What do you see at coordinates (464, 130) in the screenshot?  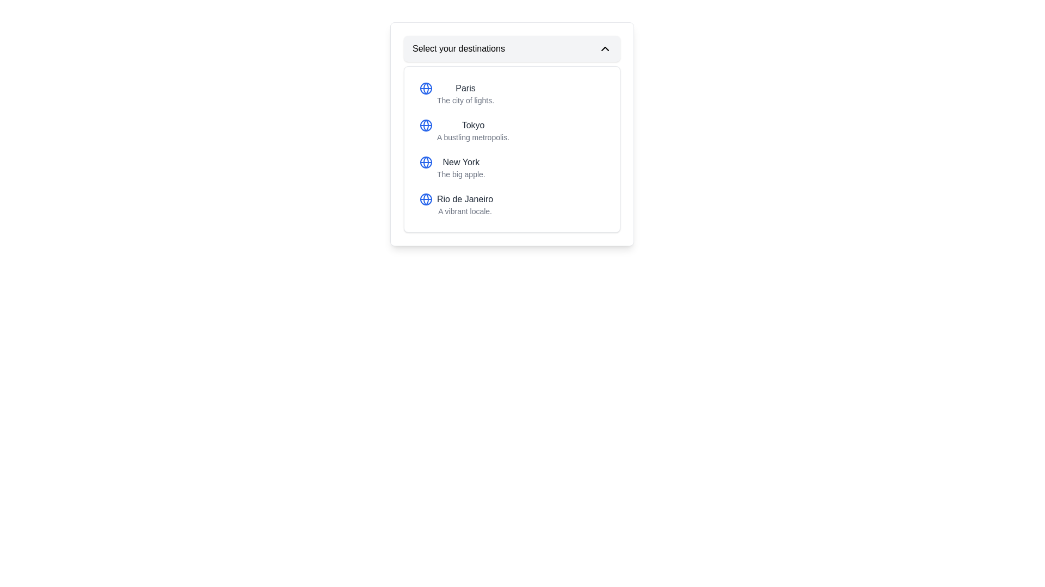 I see `the 'Tokyo' list item` at bounding box center [464, 130].